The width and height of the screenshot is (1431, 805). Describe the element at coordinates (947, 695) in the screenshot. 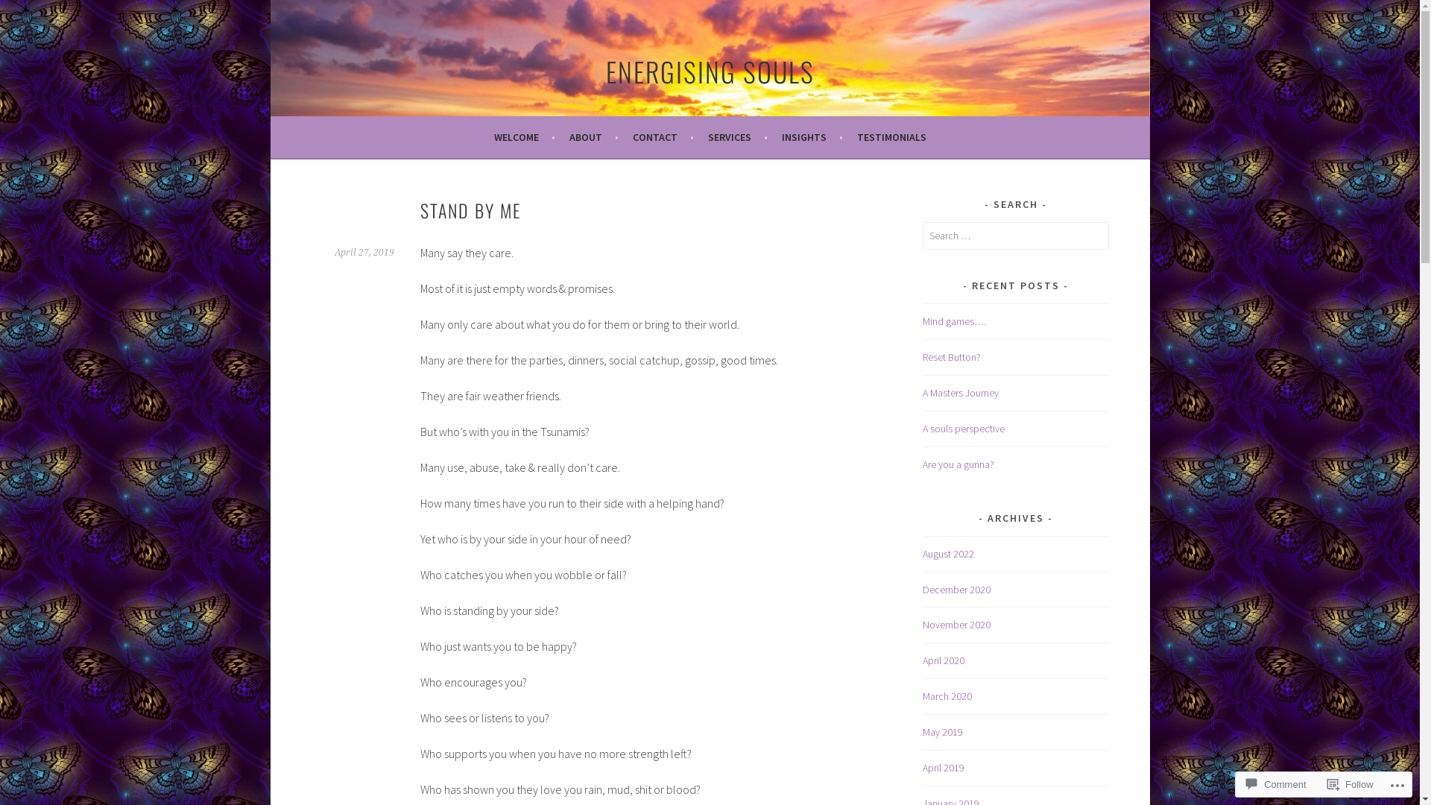

I see `'March 2020'` at that location.